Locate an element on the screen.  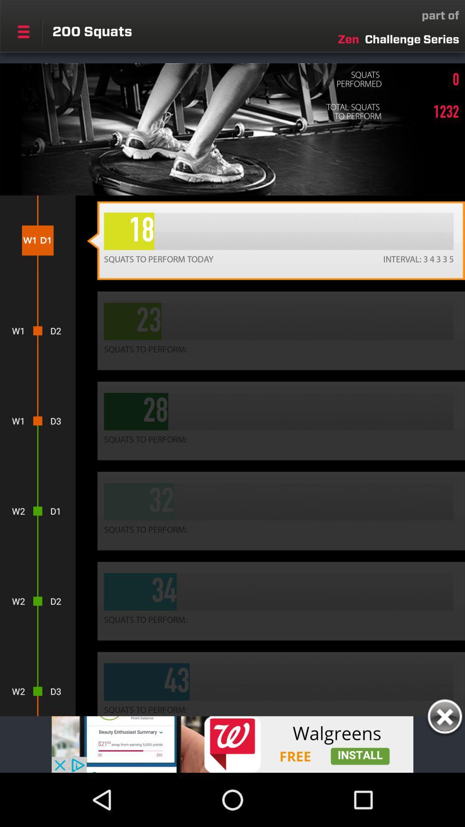
the button which is right to d1 is located at coordinates (276, 511).